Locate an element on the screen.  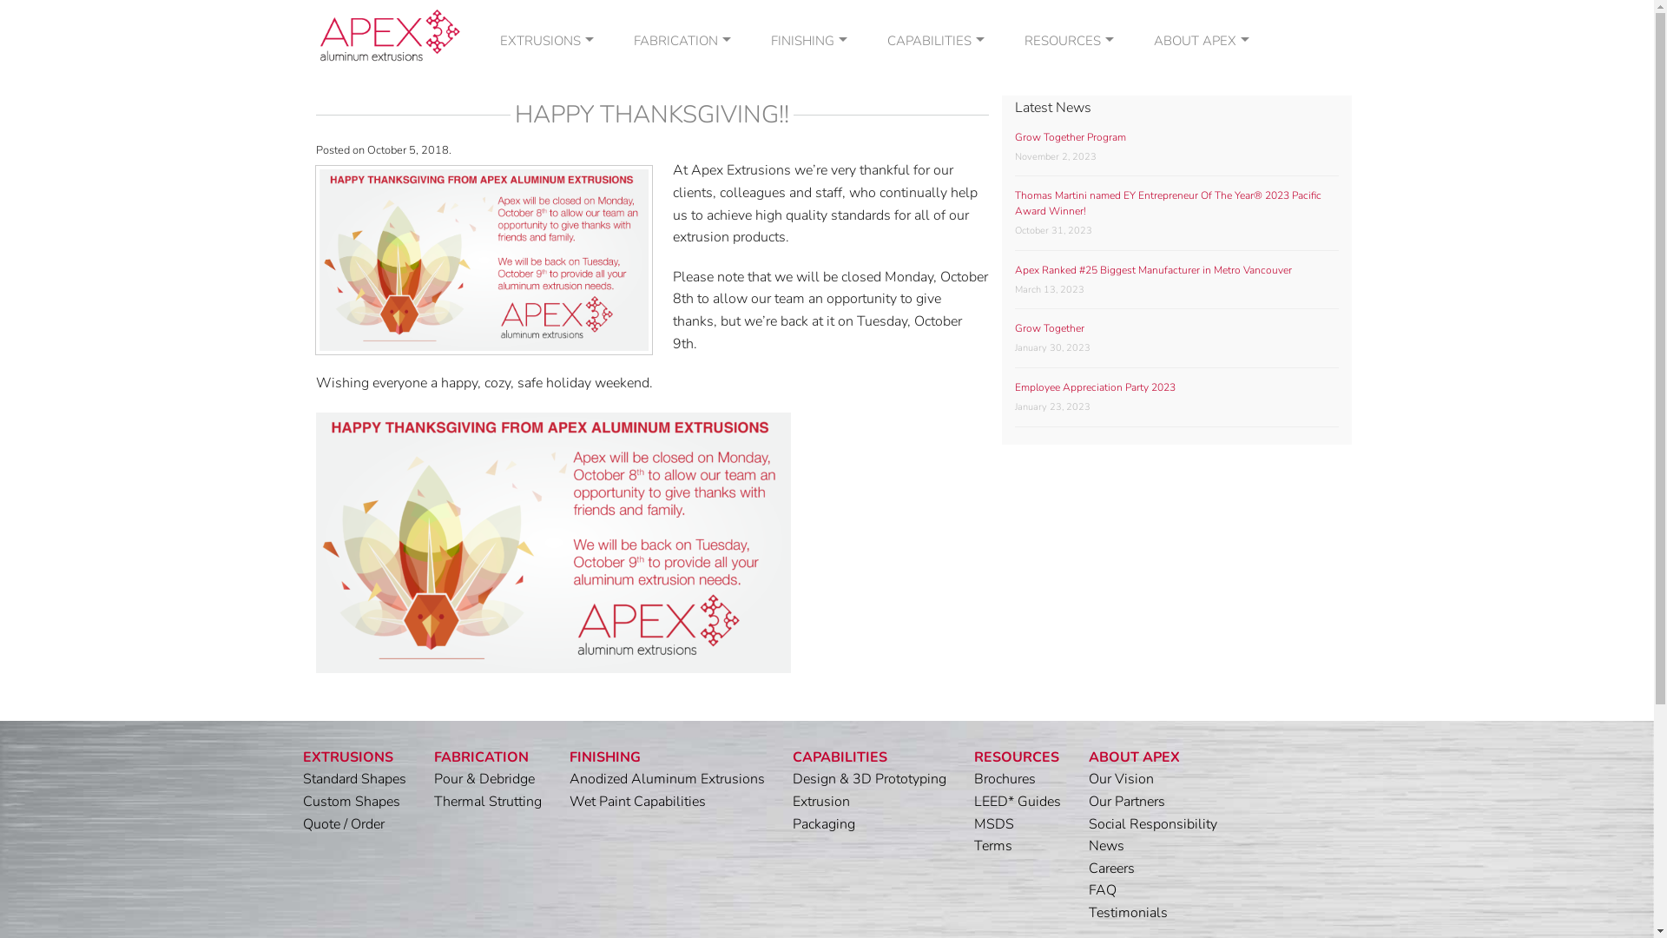
'Pour & Debridge' is located at coordinates (484, 778).